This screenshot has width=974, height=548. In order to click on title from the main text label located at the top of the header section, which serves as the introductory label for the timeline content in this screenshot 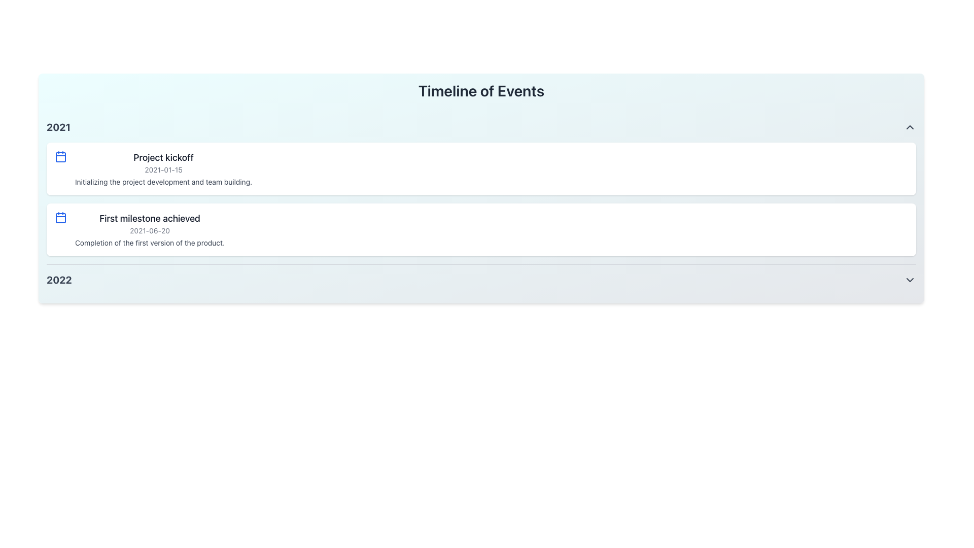, I will do `click(481, 90)`.